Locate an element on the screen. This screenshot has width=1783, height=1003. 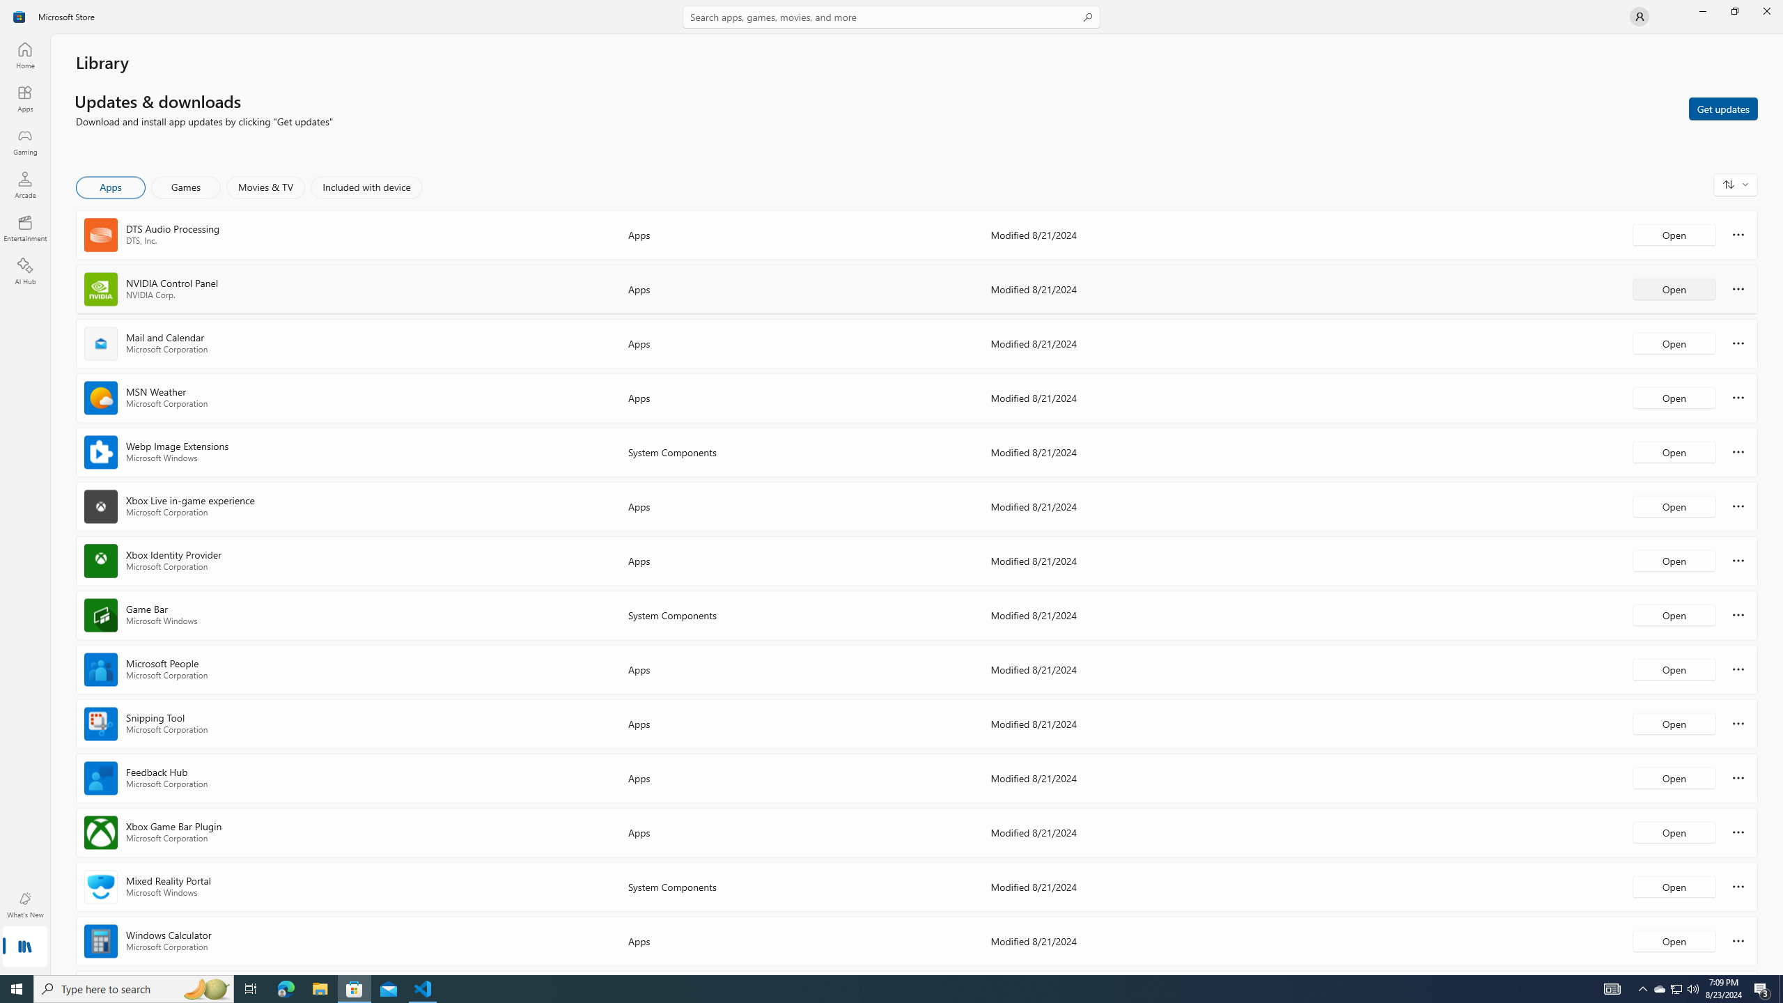
'Games' is located at coordinates (185, 187).